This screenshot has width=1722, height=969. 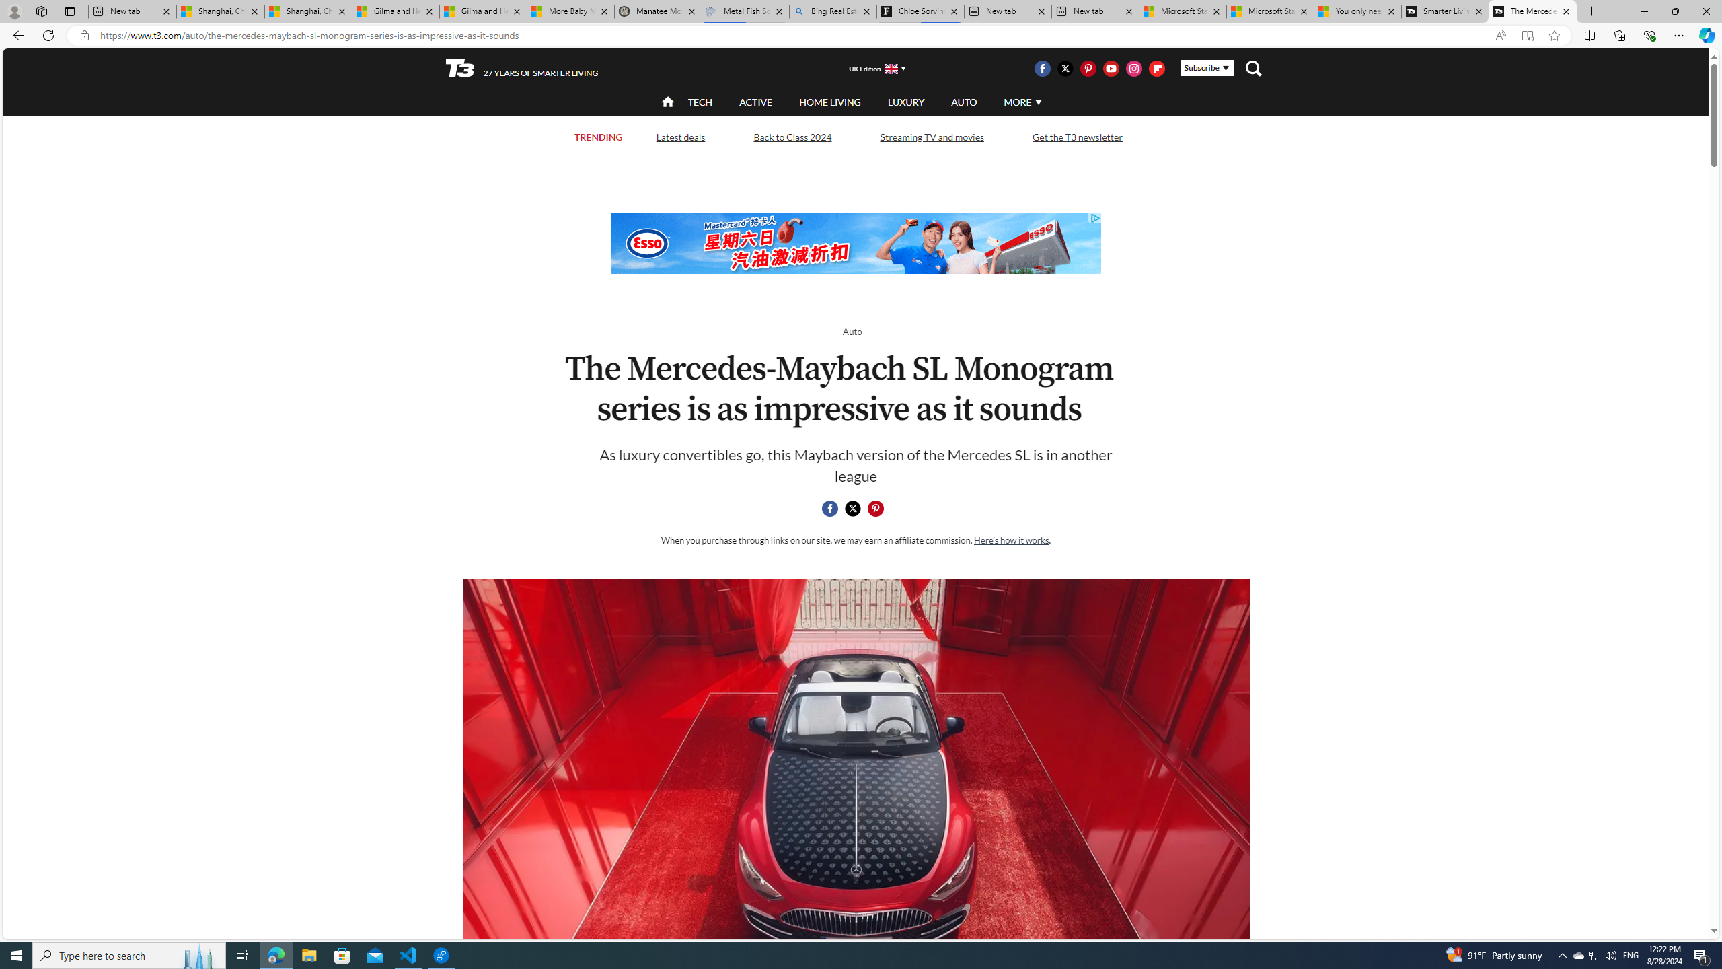 What do you see at coordinates (1064, 67) in the screenshot?
I see `'Visit us on Twitter'` at bounding box center [1064, 67].